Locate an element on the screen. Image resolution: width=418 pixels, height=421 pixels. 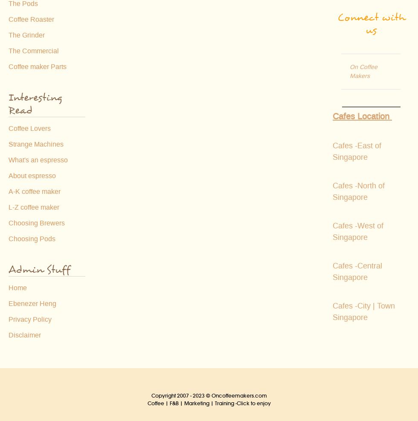
'Coffee Roaster' is located at coordinates (8, 19).